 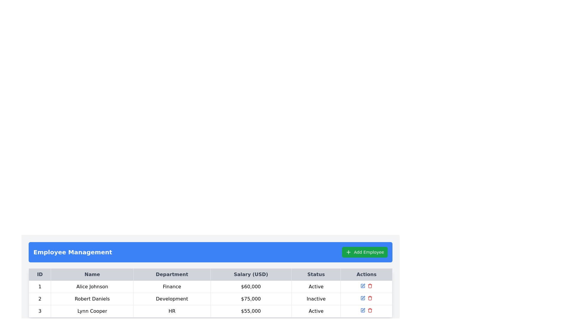 What do you see at coordinates (172, 299) in the screenshot?
I see `the Text display that shows the word 'Development' in a sans-serif font, located in the third cell of the 'Department' column in the table` at bounding box center [172, 299].